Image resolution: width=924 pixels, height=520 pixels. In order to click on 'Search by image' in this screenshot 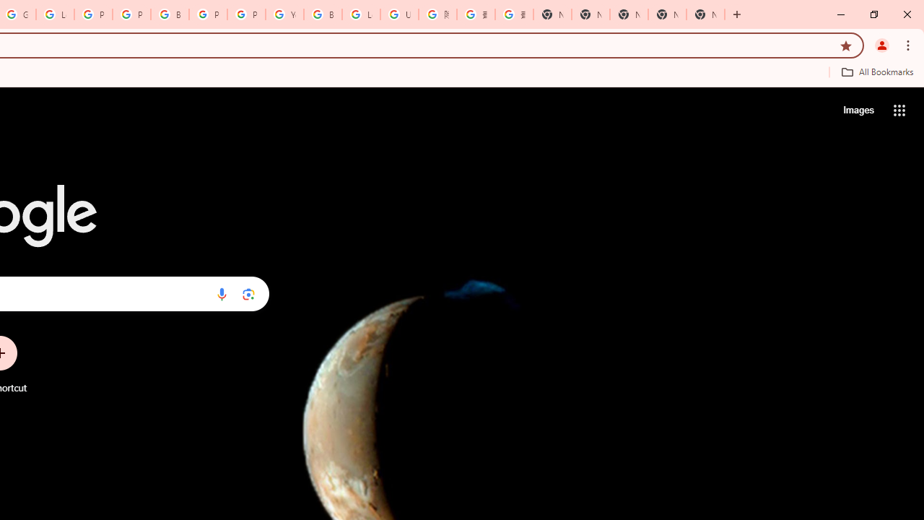, I will do `click(248, 293)`.